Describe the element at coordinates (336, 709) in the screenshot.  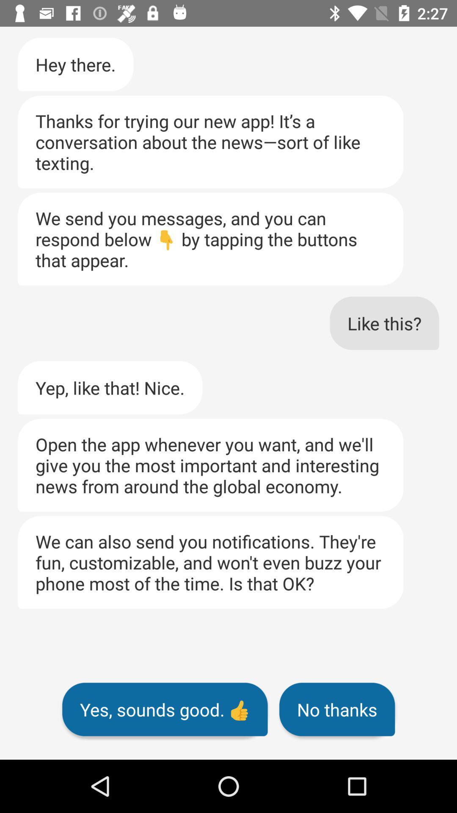
I see `no thanks item` at that location.